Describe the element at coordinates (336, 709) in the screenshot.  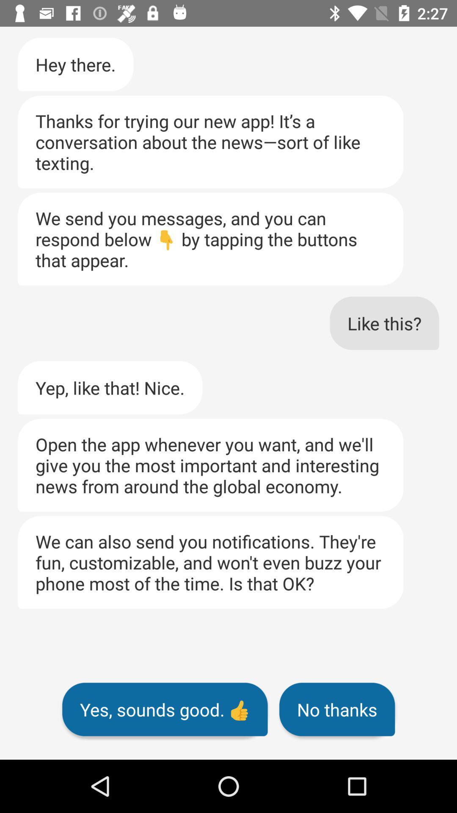
I see `no thanks item` at that location.